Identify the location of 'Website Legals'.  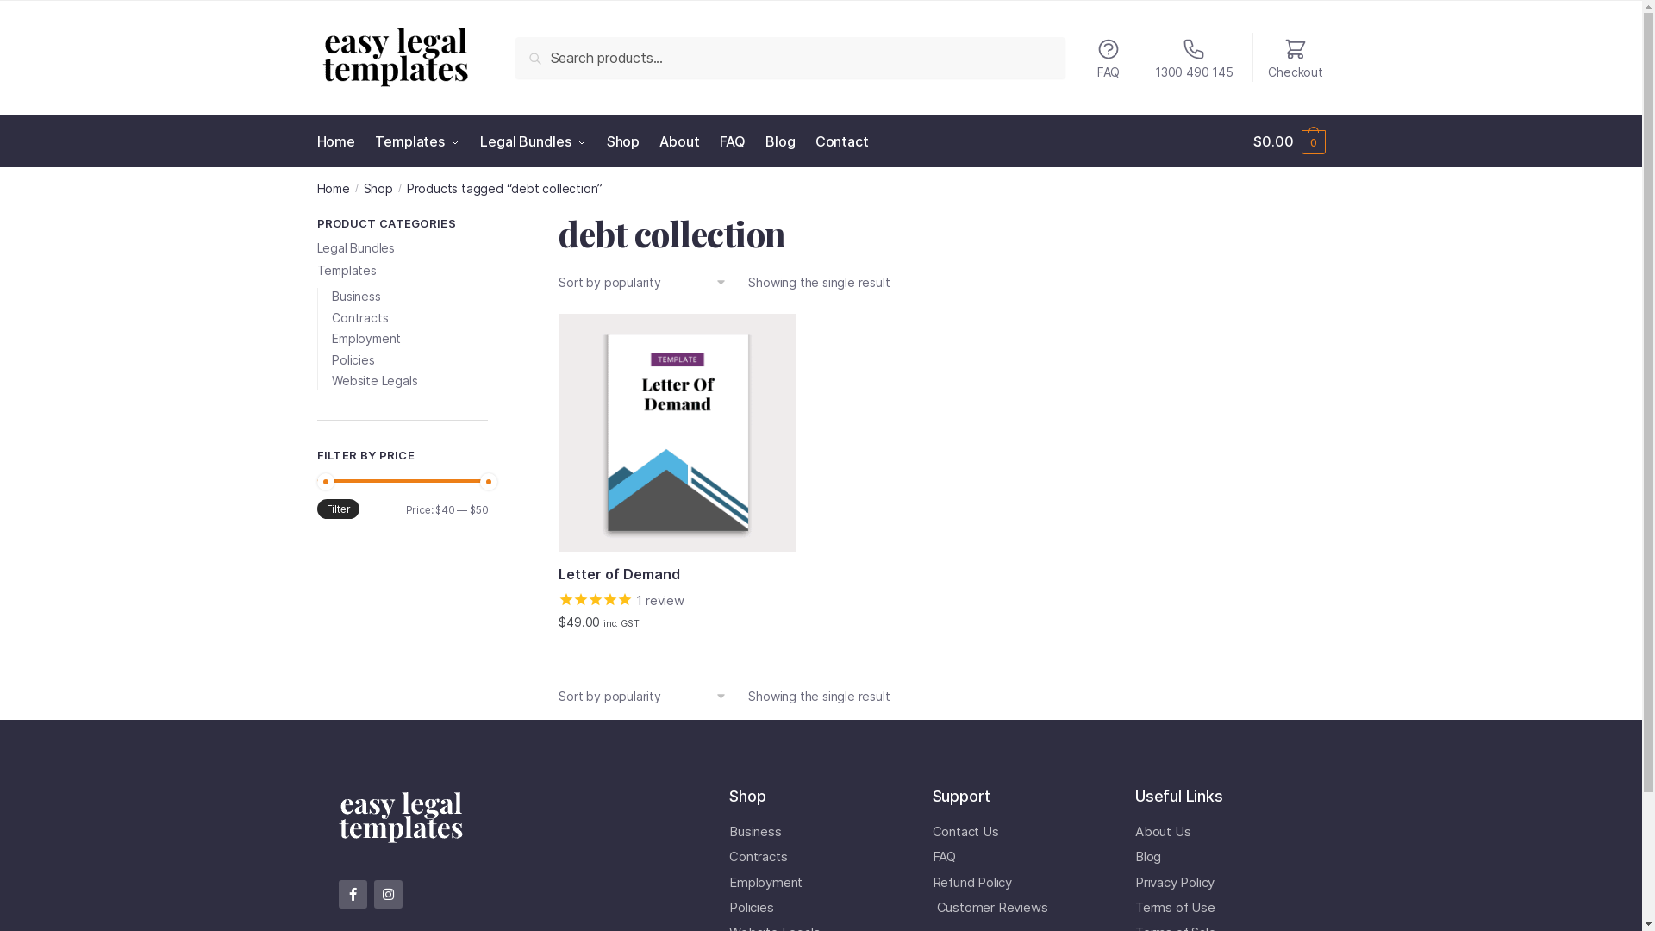
(331, 379).